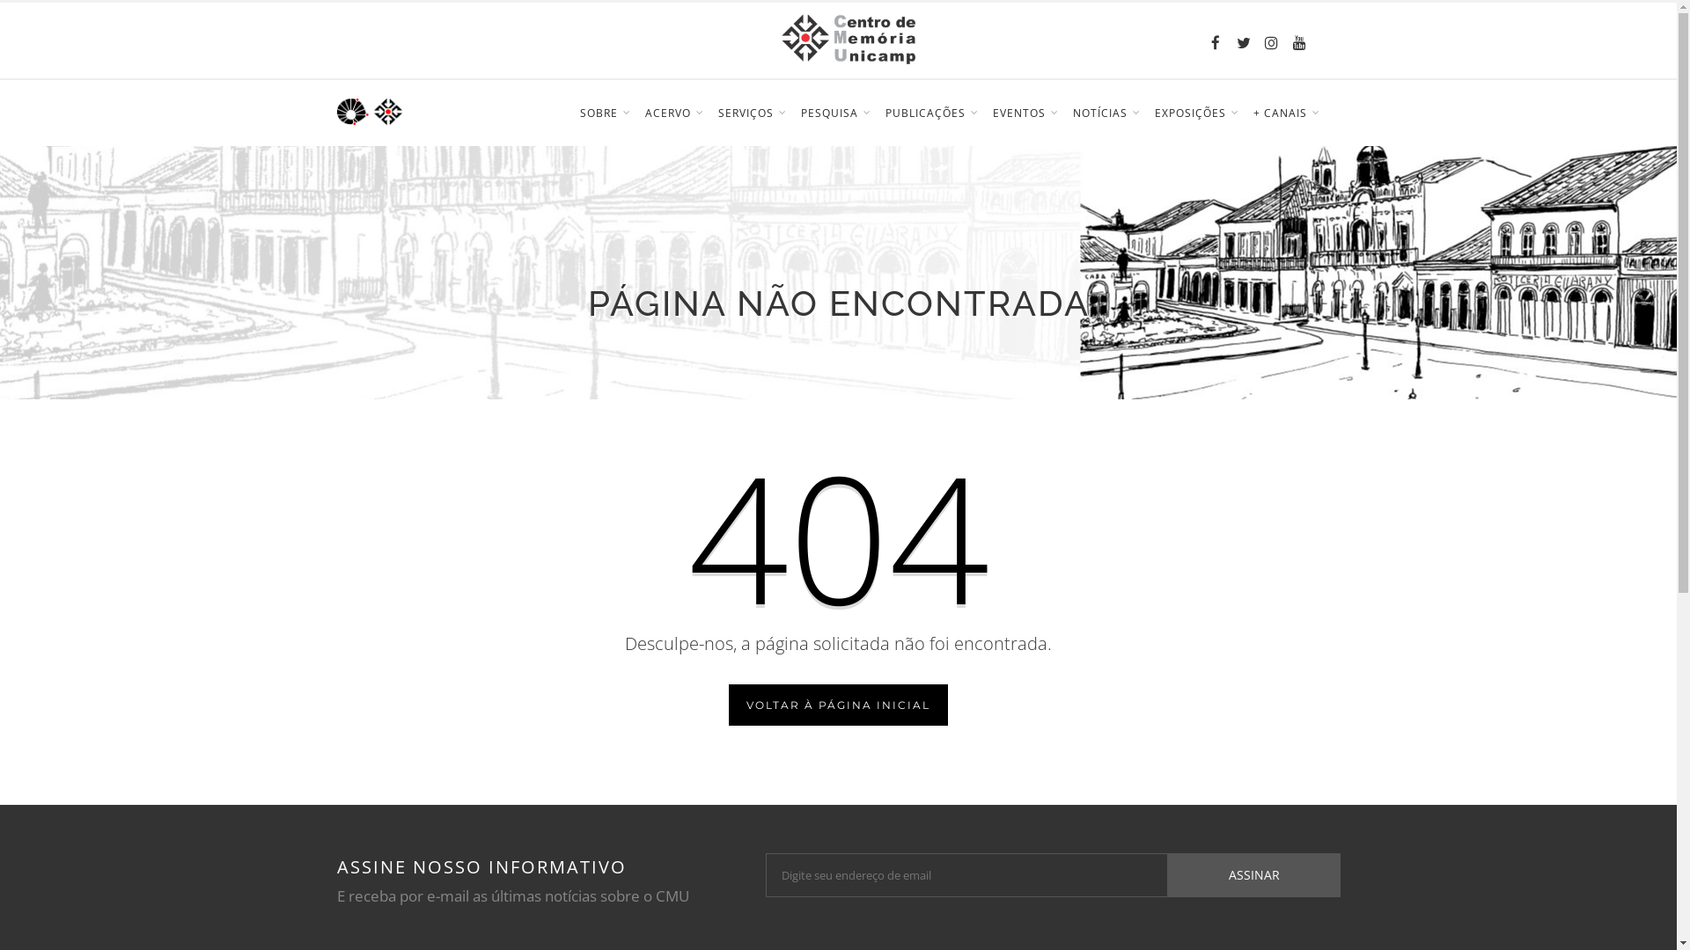 The width and height of the screenshot is (1690, 950). Describe the element at coordinates (1025, 113) in the screenshot. I see `'EVENTOS'` at that location.